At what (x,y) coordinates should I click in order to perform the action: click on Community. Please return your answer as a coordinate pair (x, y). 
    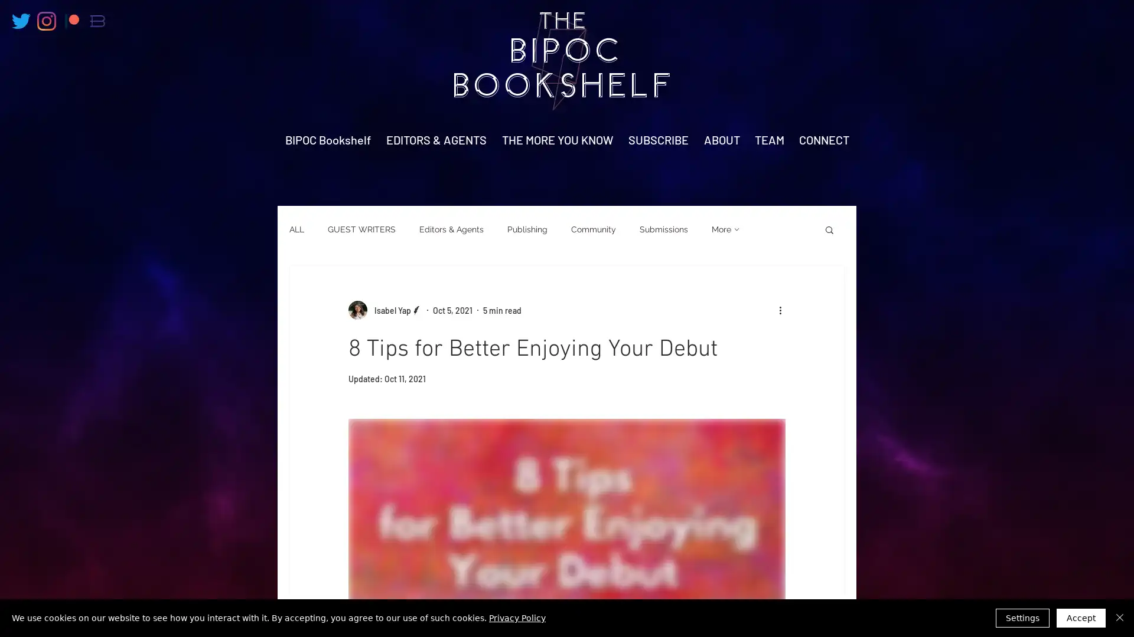
    Looking at the image, I should click on (593, 229).